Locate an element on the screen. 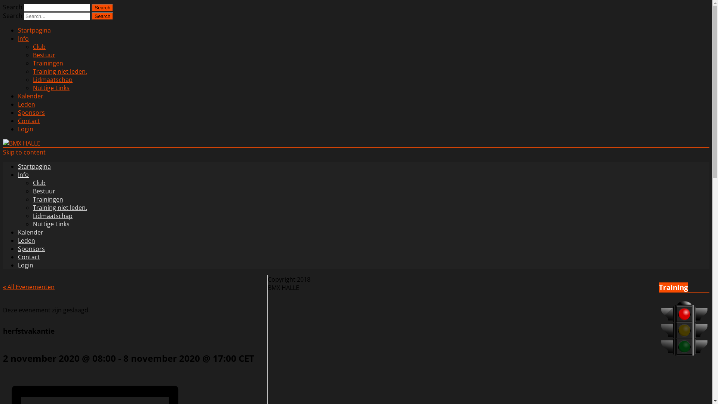 The image size is (718, 404). 'Club' is located at coordinates (39, 183).